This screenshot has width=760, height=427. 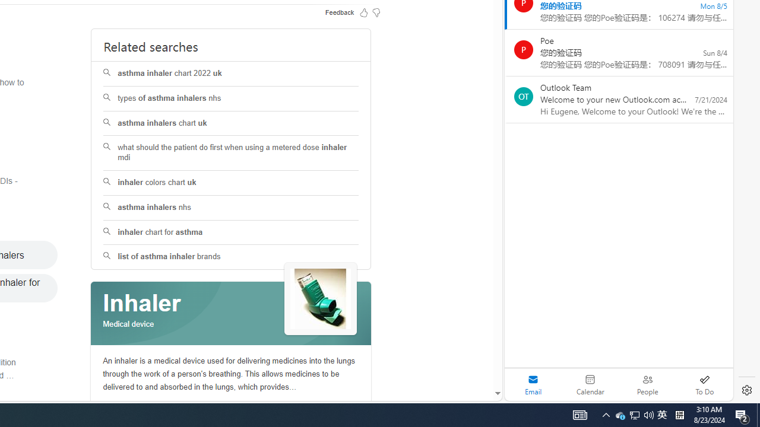 What do you see at coordinates (231, 123) in the screenshot?
I see `'asthma inhalers chart uk'` at bounding box center [231, 123].